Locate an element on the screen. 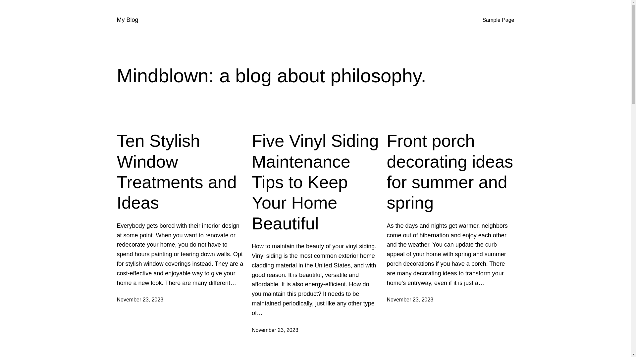 The image size is (636, 357). 'November 23, 2023' is located at coordinates (275, 330).